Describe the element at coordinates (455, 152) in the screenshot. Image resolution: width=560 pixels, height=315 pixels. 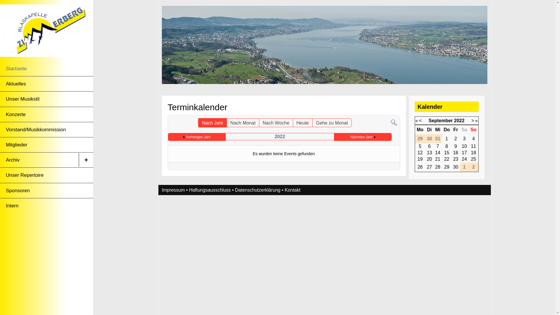
I see `'16'` at that location.